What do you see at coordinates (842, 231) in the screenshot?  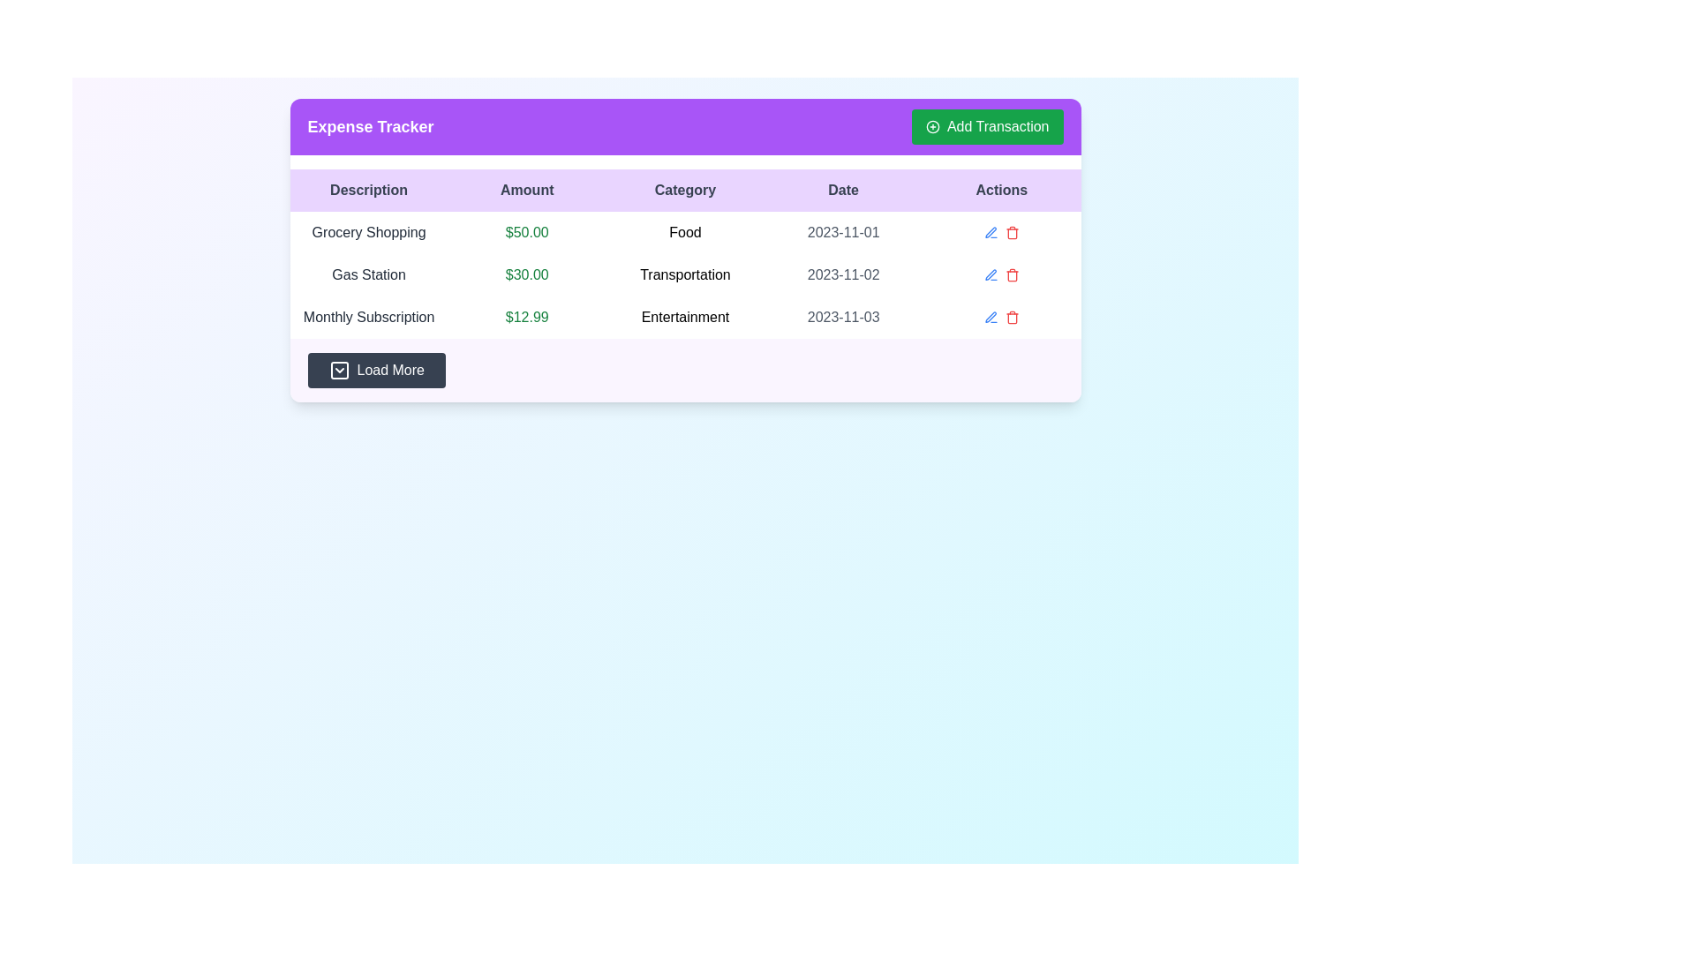 I see `the text label displaying the date '2023-11-01' in gray color, which is located under the 'Date' column, aligned with 'Grocery Shopping.'` at bounding box center [842, 231].